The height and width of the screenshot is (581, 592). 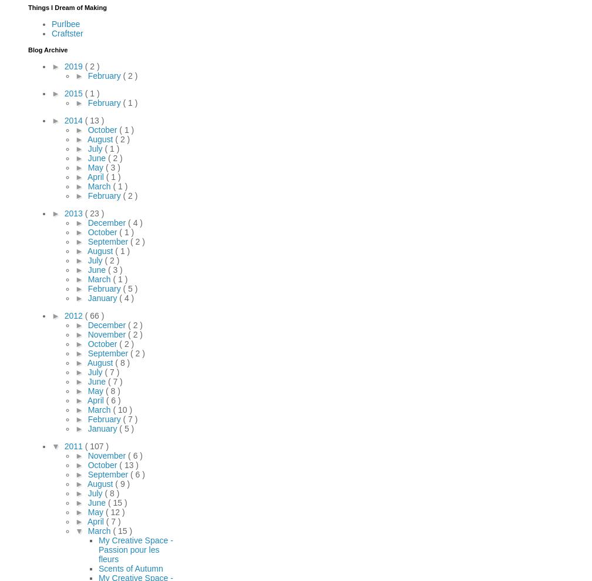 I want to click on '(
              9
              )', so click(x=122, y=483).